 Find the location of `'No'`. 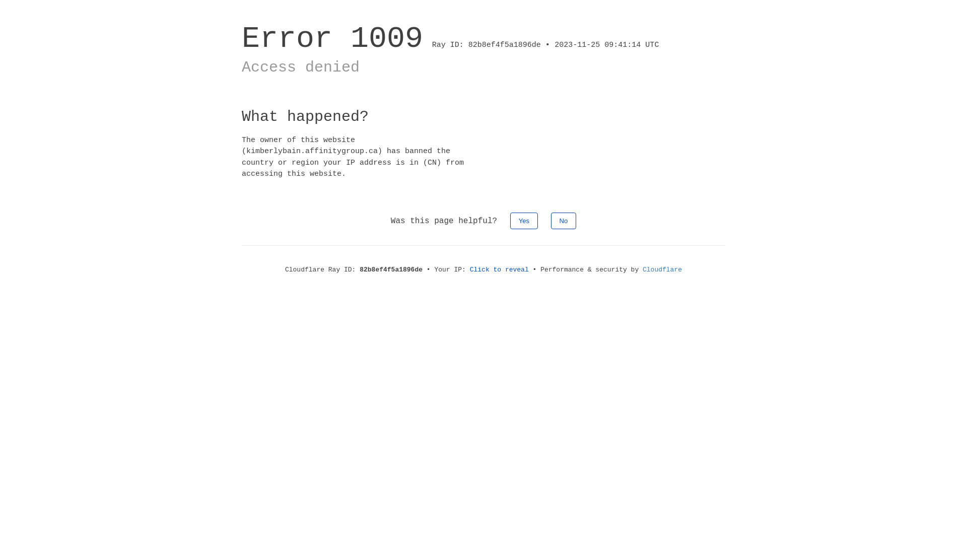

'No' is located at coordinates (563, 220).